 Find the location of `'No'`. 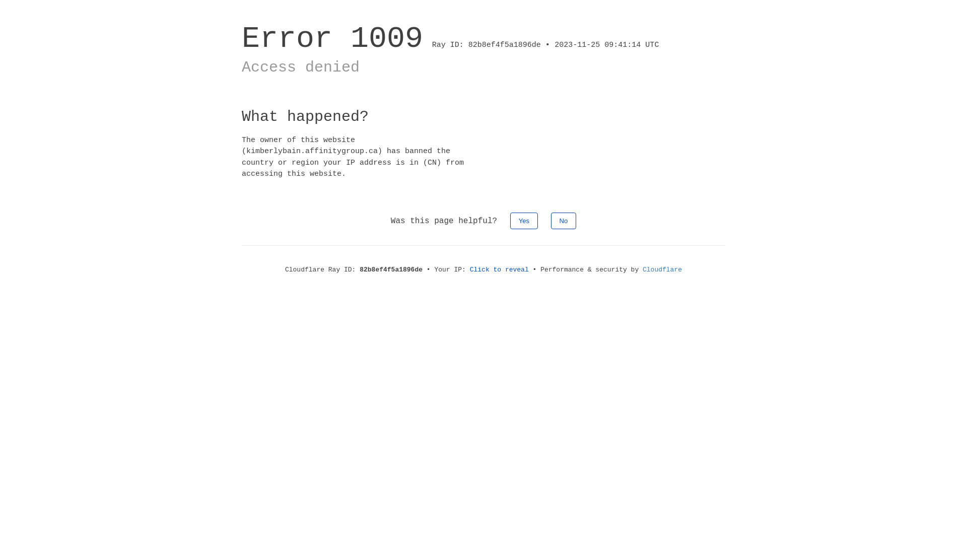

'No' is located at coordinates (563, 220).